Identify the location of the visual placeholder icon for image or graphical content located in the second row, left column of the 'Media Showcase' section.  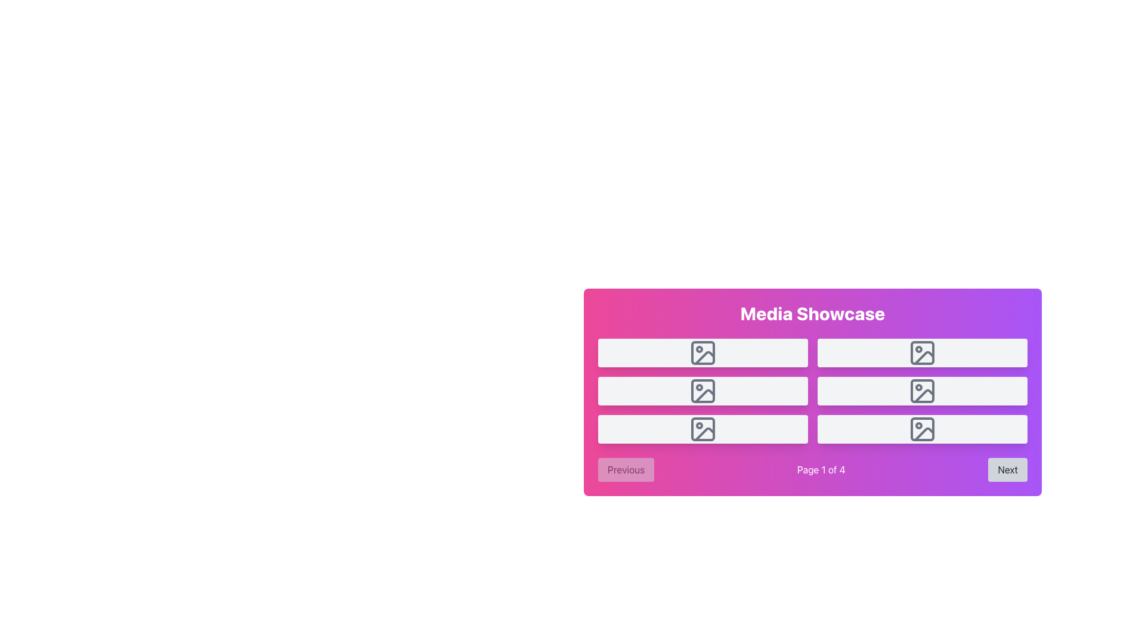
(703, 391).